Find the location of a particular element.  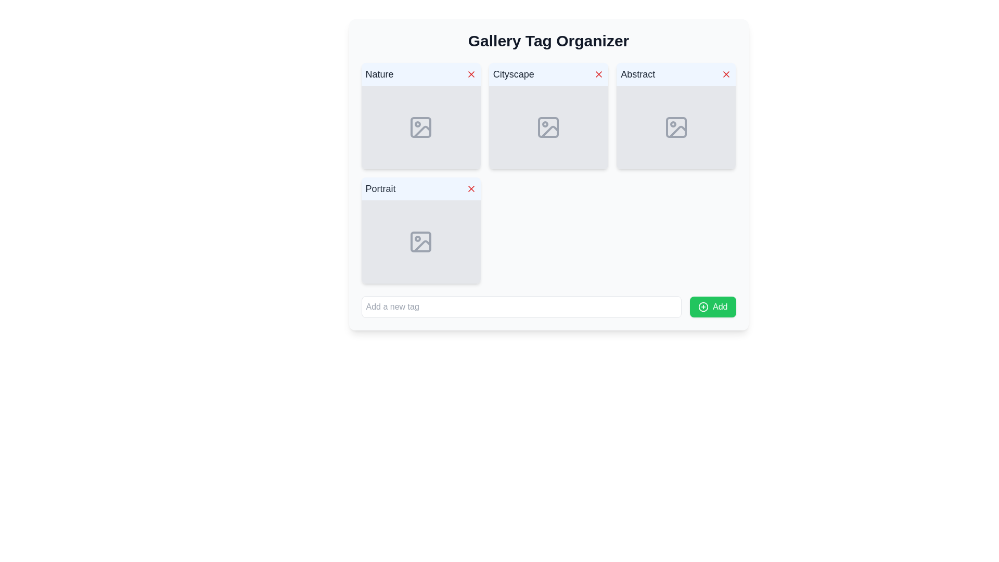

the static text label that identifies the category as 'Portrait', located at the left of the light blue rounded rectangle tile in the second row of the gallery layout is located at coordinates (380, 188).